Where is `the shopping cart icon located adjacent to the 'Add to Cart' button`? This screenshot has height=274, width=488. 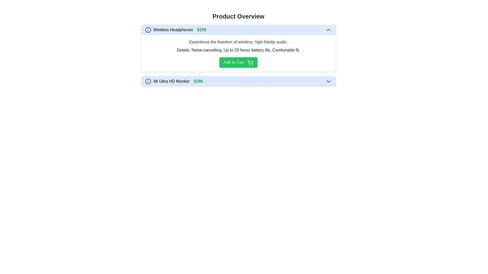
the shopping cart icon located adjacent to the 'Add to Cart' button is located at coordinates (250, 61).